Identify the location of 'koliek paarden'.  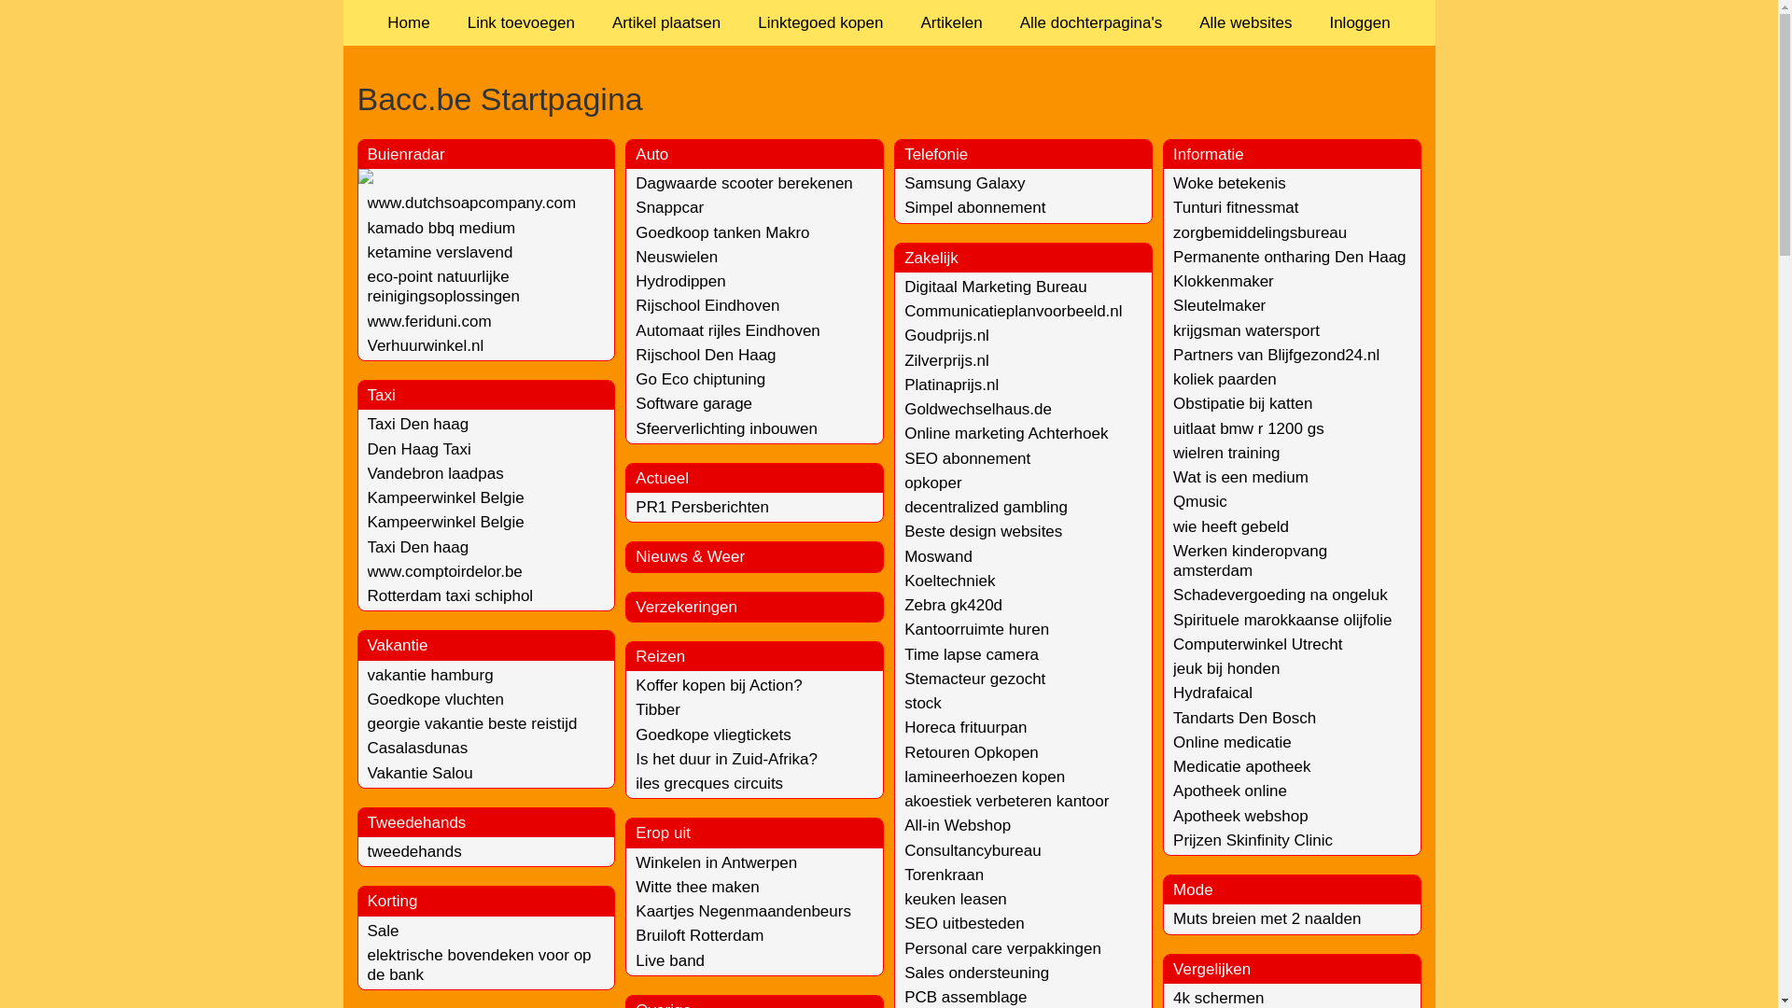
(1225, 378).